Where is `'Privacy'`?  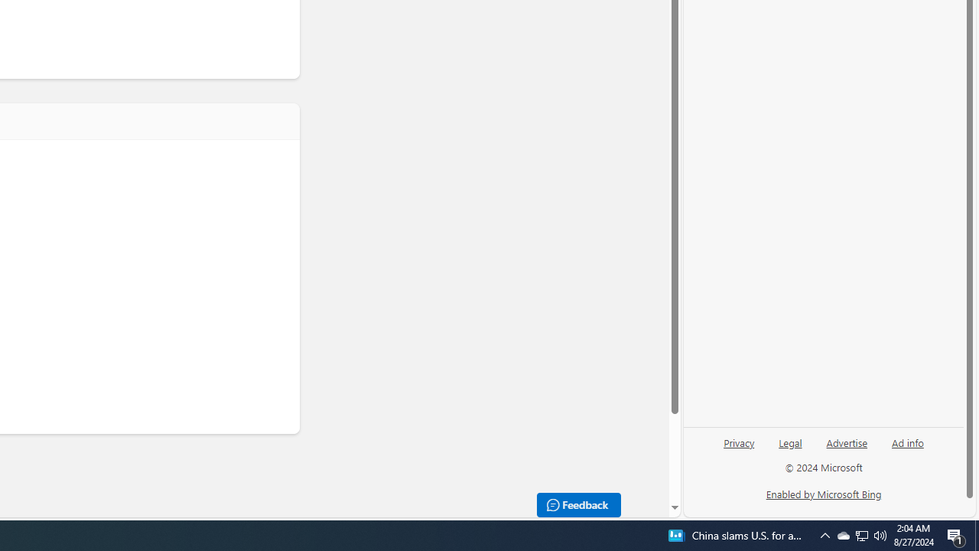
'Privacy' is located at coordinates (740, 448).